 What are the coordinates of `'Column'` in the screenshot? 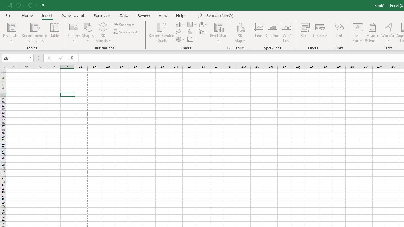 It's located at (273, 32).